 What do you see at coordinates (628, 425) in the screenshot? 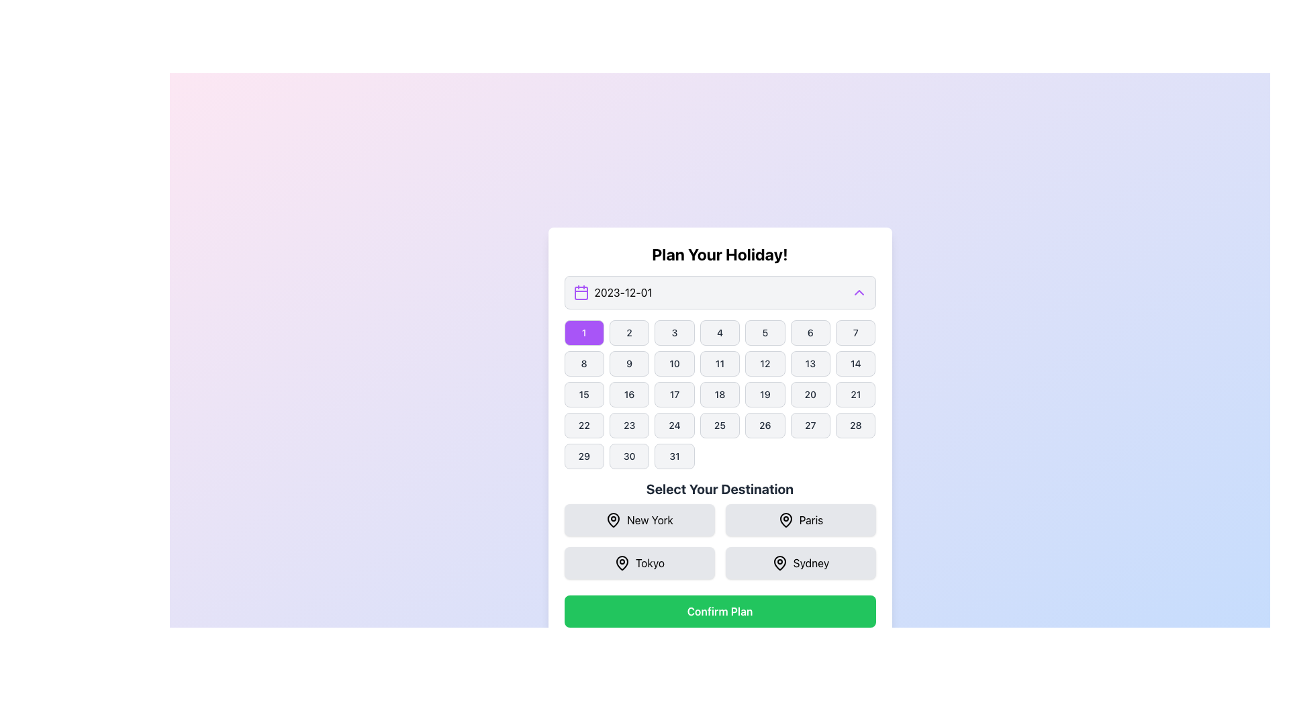
I see `the rounded rectangular button labeled '23' in the calendar component` at bounding box center [628, 425].